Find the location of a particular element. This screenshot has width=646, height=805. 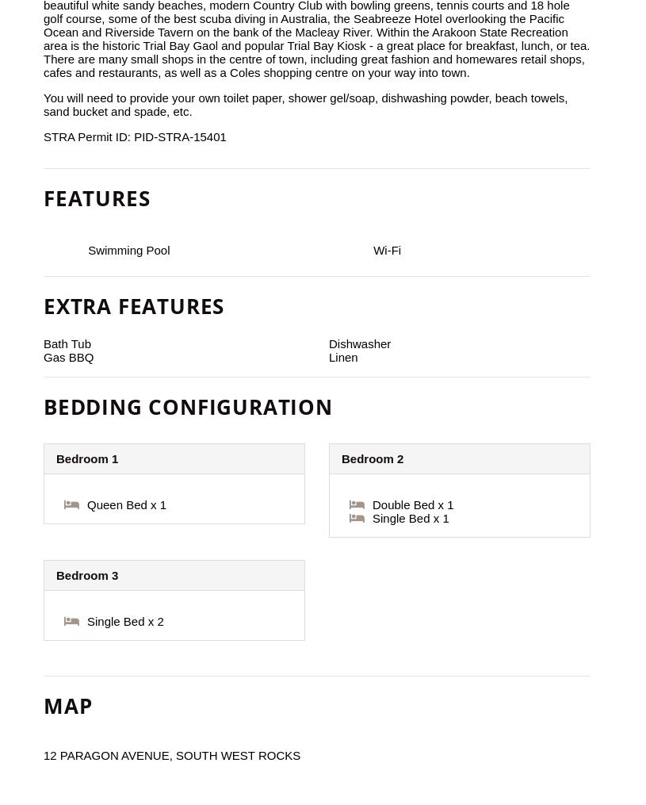

'Gas BBQ' is located at coordinates (67, 356).